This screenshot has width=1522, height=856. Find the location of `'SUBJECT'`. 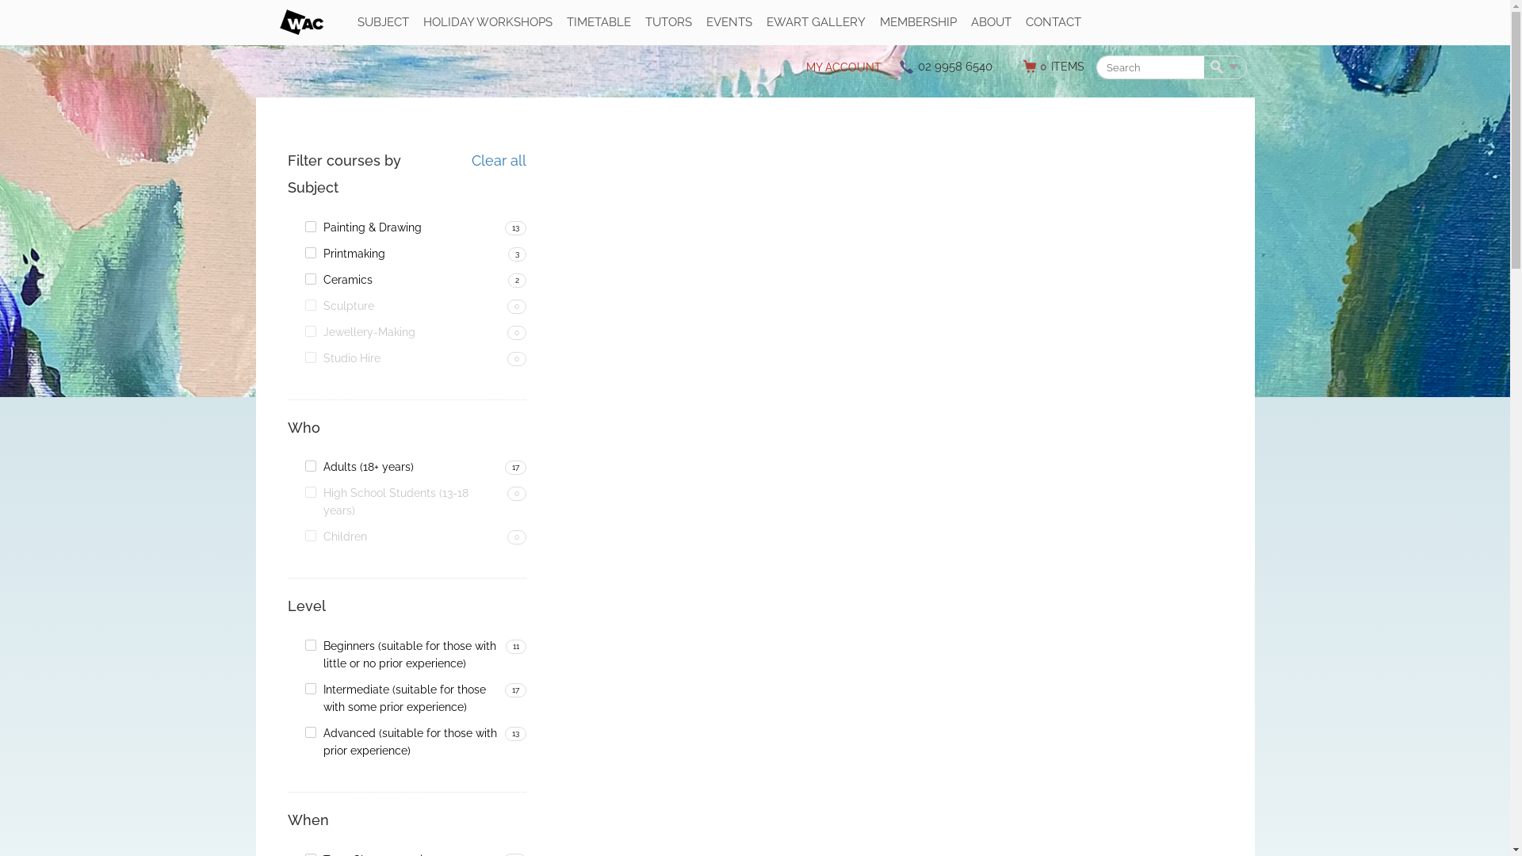

'SUBJECT' is located at coordinates (349, 21).